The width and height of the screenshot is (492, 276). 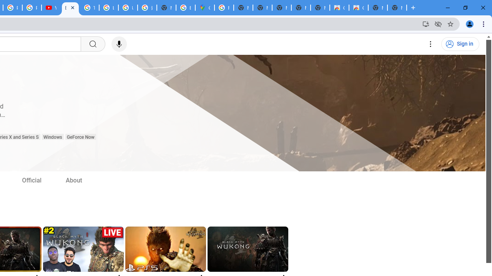 I want to click on 'Windows', so click(x=52, y=137).